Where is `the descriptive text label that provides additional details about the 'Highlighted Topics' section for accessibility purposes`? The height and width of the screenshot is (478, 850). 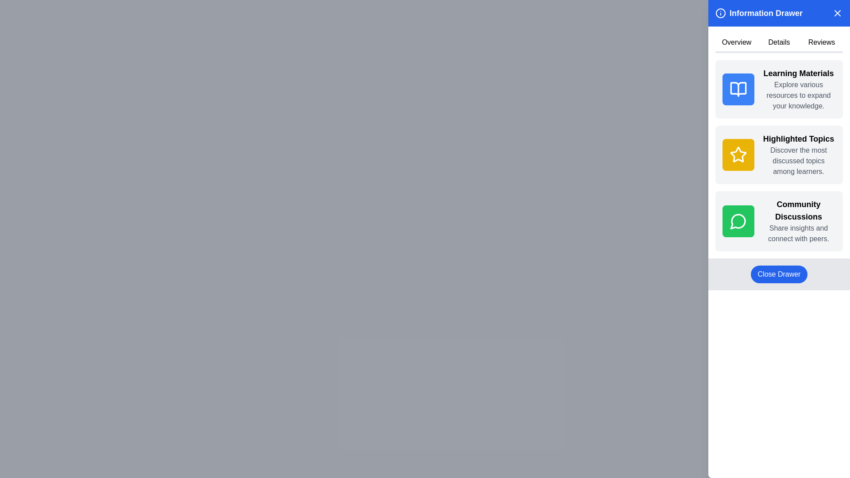 the descriptive text label that provides additional details about the 'Highlighted Topics' section for accessibility purposes is located at coordinates (799, 161).